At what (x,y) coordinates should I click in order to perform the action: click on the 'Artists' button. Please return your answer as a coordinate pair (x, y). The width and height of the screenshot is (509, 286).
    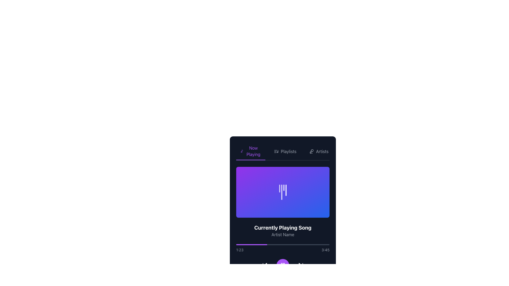
    Looking at the image, I should click on (318, 151).